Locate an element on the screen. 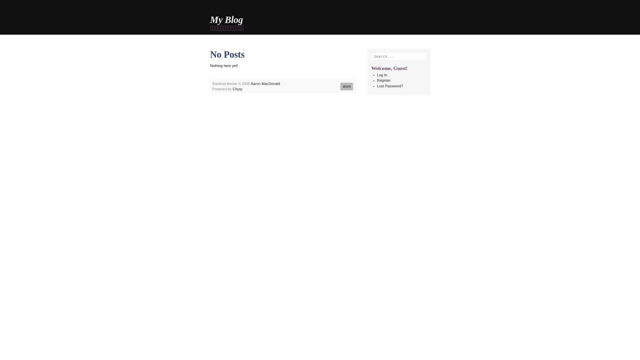 The width and height of the screenshot is (640, 360). 'Chyrp' is located at coordinates (237, 88).